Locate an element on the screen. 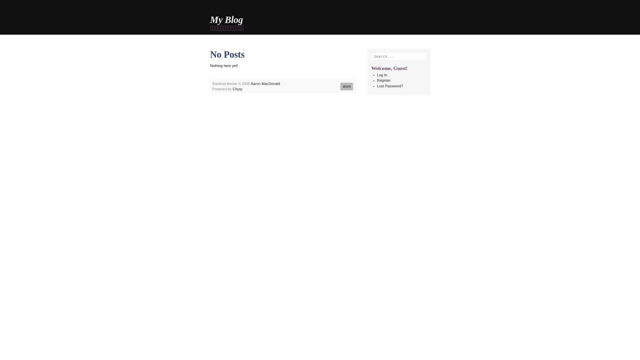 The width and height of the screenshot is (640, 360). 'Chyrp' is located at coordinates (237, 88).